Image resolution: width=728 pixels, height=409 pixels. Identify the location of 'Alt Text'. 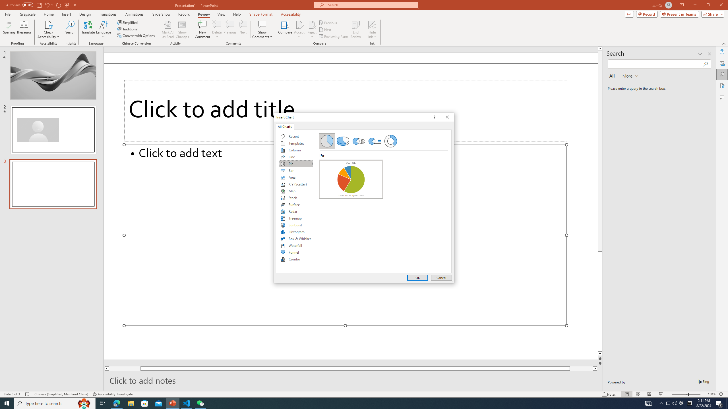
(722, 63).